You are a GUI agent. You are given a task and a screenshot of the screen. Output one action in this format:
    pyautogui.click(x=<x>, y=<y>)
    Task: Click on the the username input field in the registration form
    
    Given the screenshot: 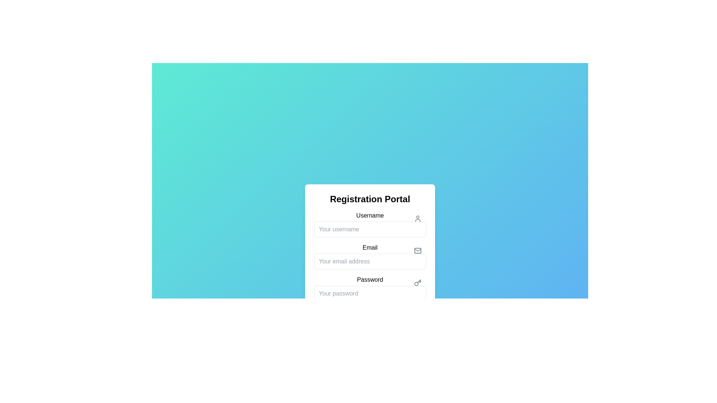 What is the action you would take?
    pyautogui.click(x=370, y=224)
    